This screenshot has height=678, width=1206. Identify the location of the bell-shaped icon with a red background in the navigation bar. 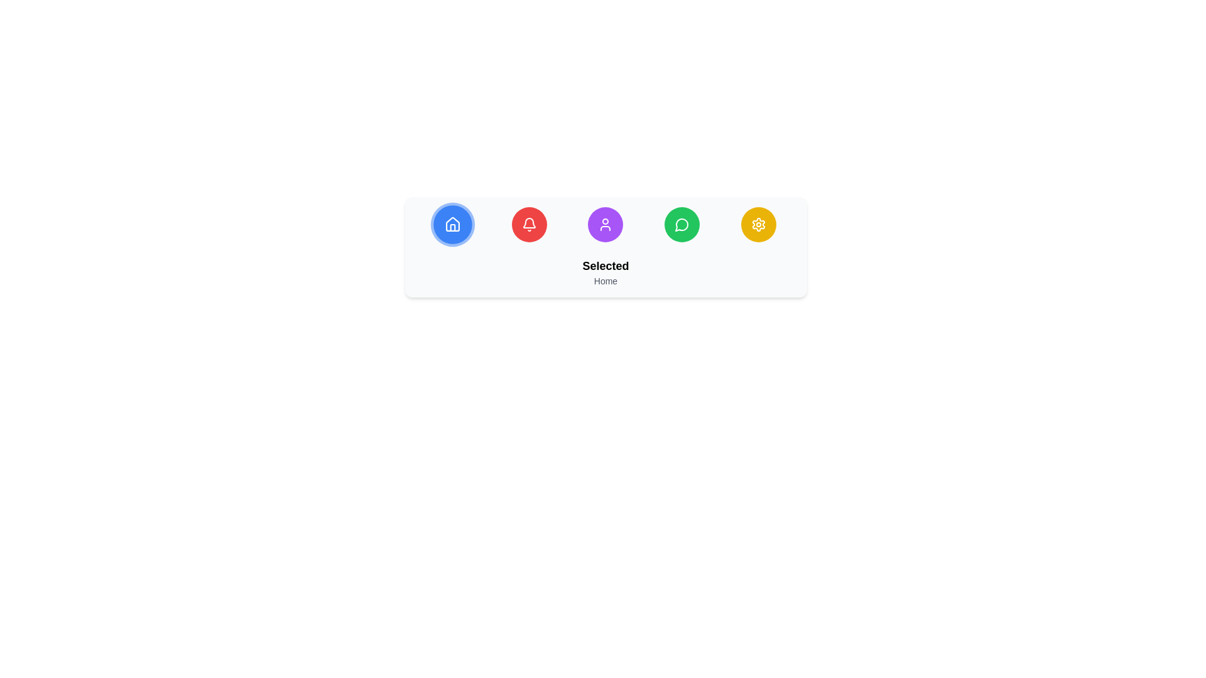
(529, 224).